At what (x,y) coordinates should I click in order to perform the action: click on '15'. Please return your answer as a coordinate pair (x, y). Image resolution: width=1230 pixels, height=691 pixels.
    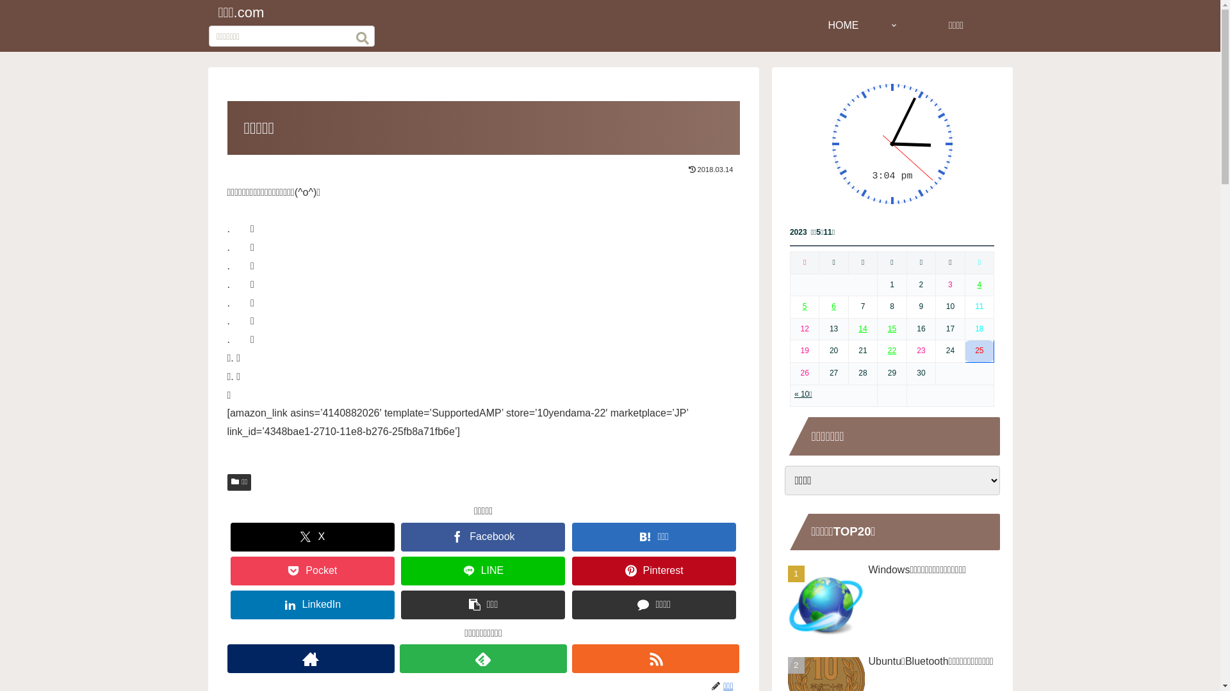
    Looking at the image, I should click on (887, 328).